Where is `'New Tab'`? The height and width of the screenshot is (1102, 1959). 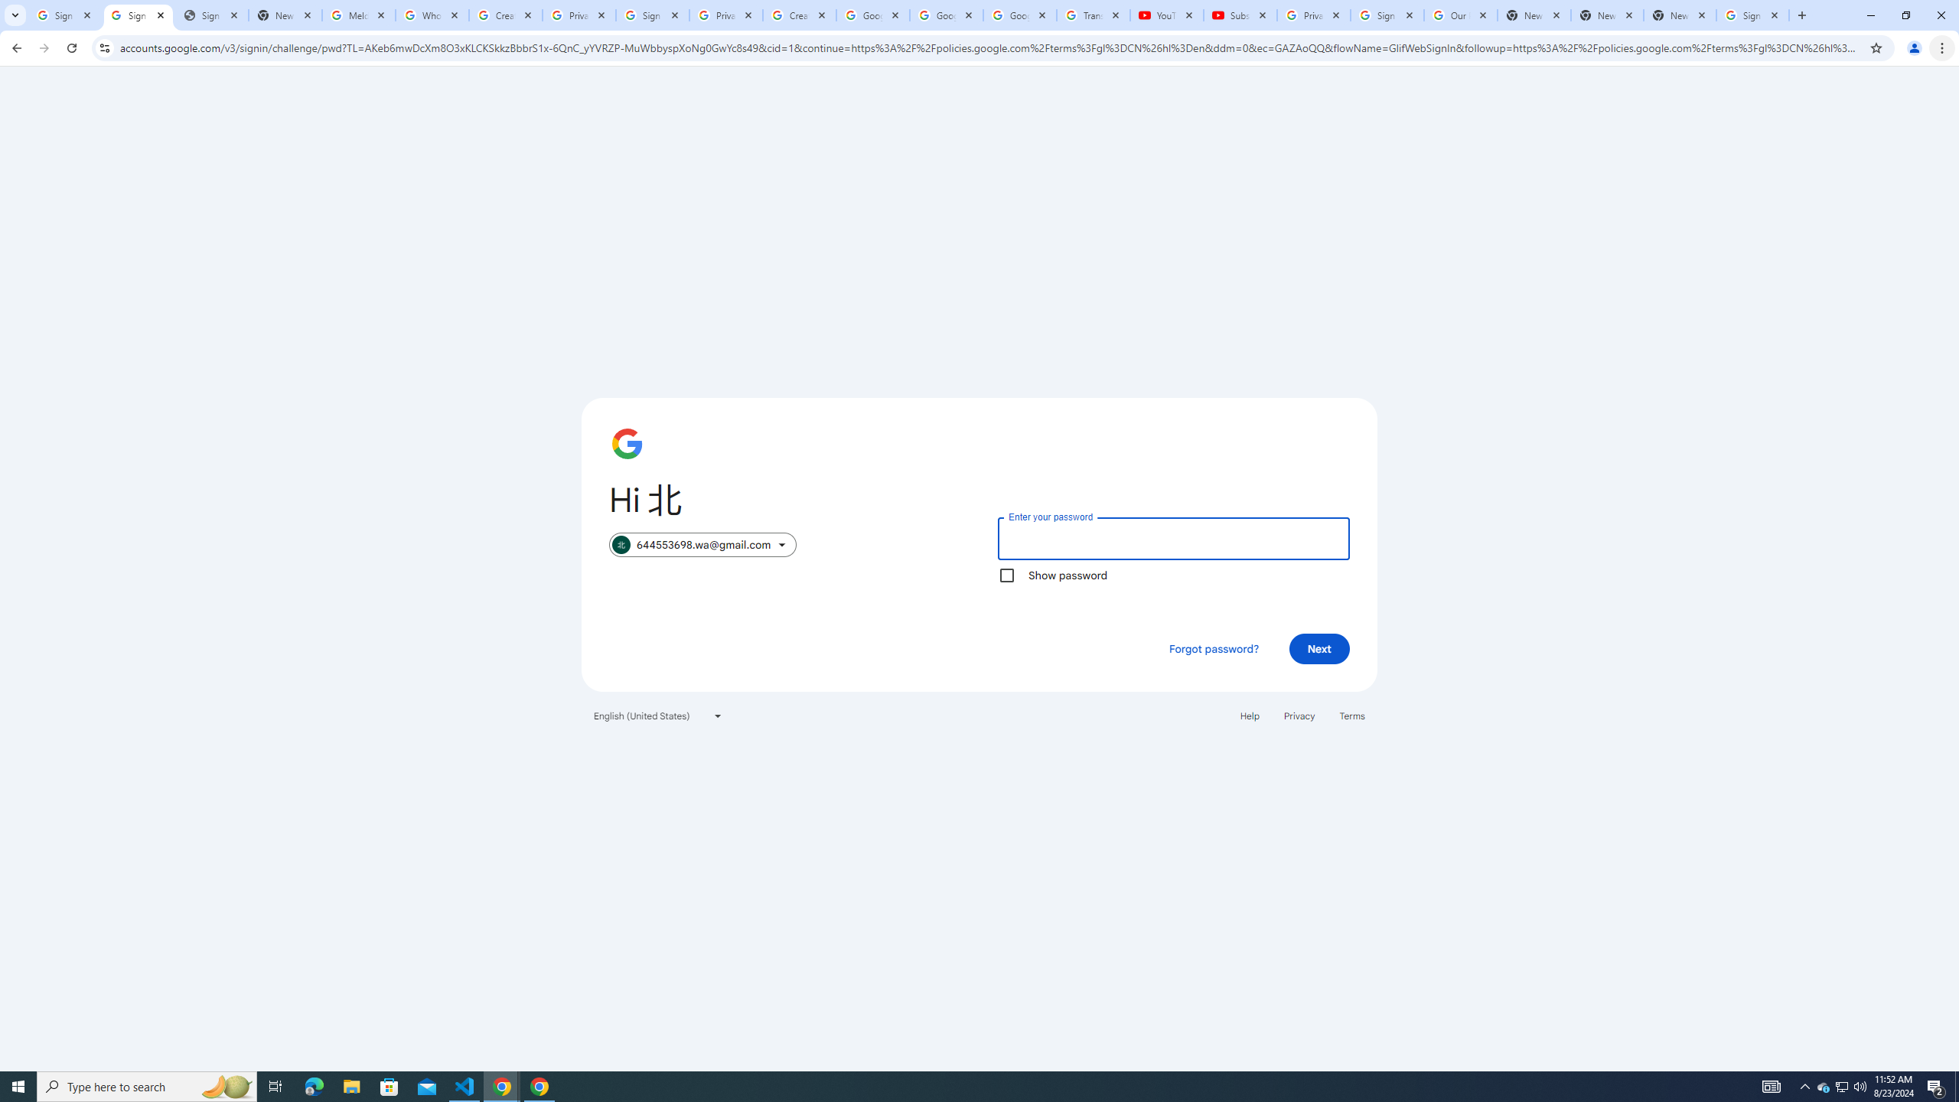 'New Tab' is located at coordinates (1680, 15).